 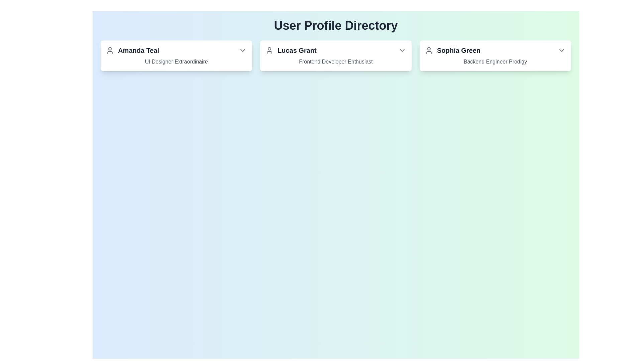 What do you see at coordinates (562, 50) in the screenshot?
I see `the downward chevron icon representing the Dropdown toggle button located at the top-right section of the card interface titled 'Sophia Green'` at bounding box center [562, 50].